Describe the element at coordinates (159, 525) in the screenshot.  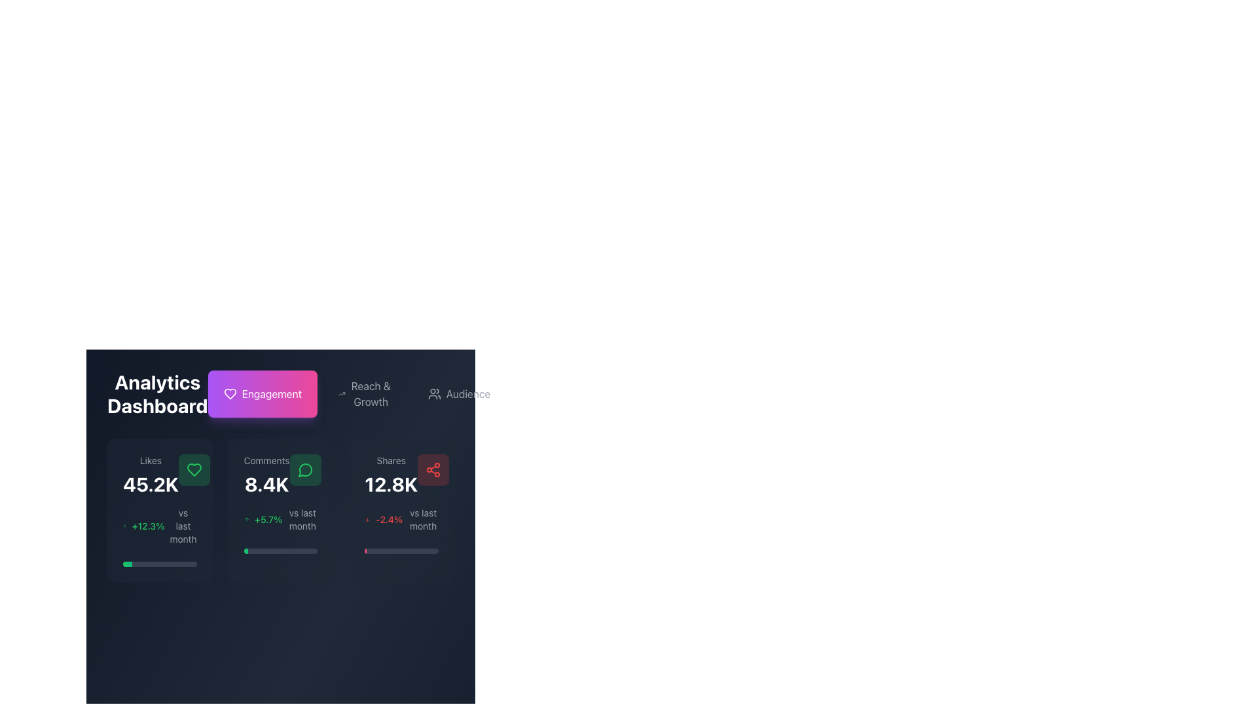
I see `the Text and icon grouping in the Likes section of the analytics dashboard to interact with additional details about the growth metric related to social engagement` at that location.